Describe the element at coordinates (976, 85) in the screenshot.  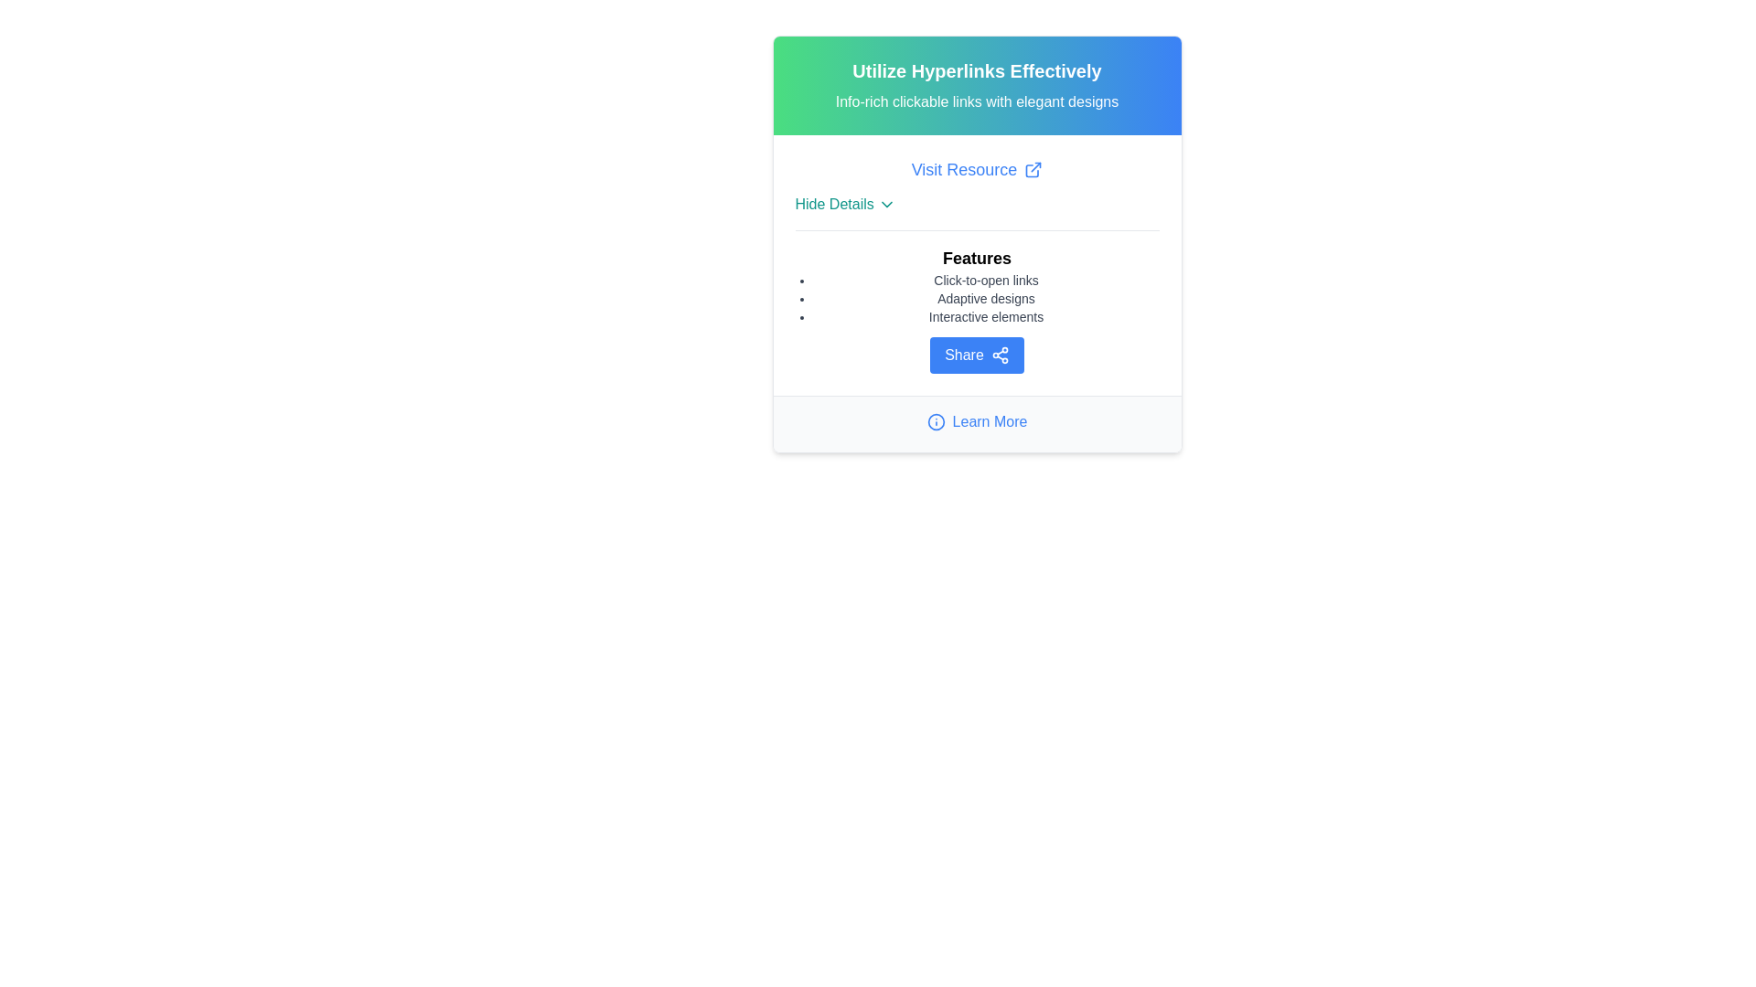
I see `the rectangular banner-like component with a gradient background that reads 'Utilize Hyperlinks Effectively' and 'Info-rich clickable links with elegant designs'` at that location.